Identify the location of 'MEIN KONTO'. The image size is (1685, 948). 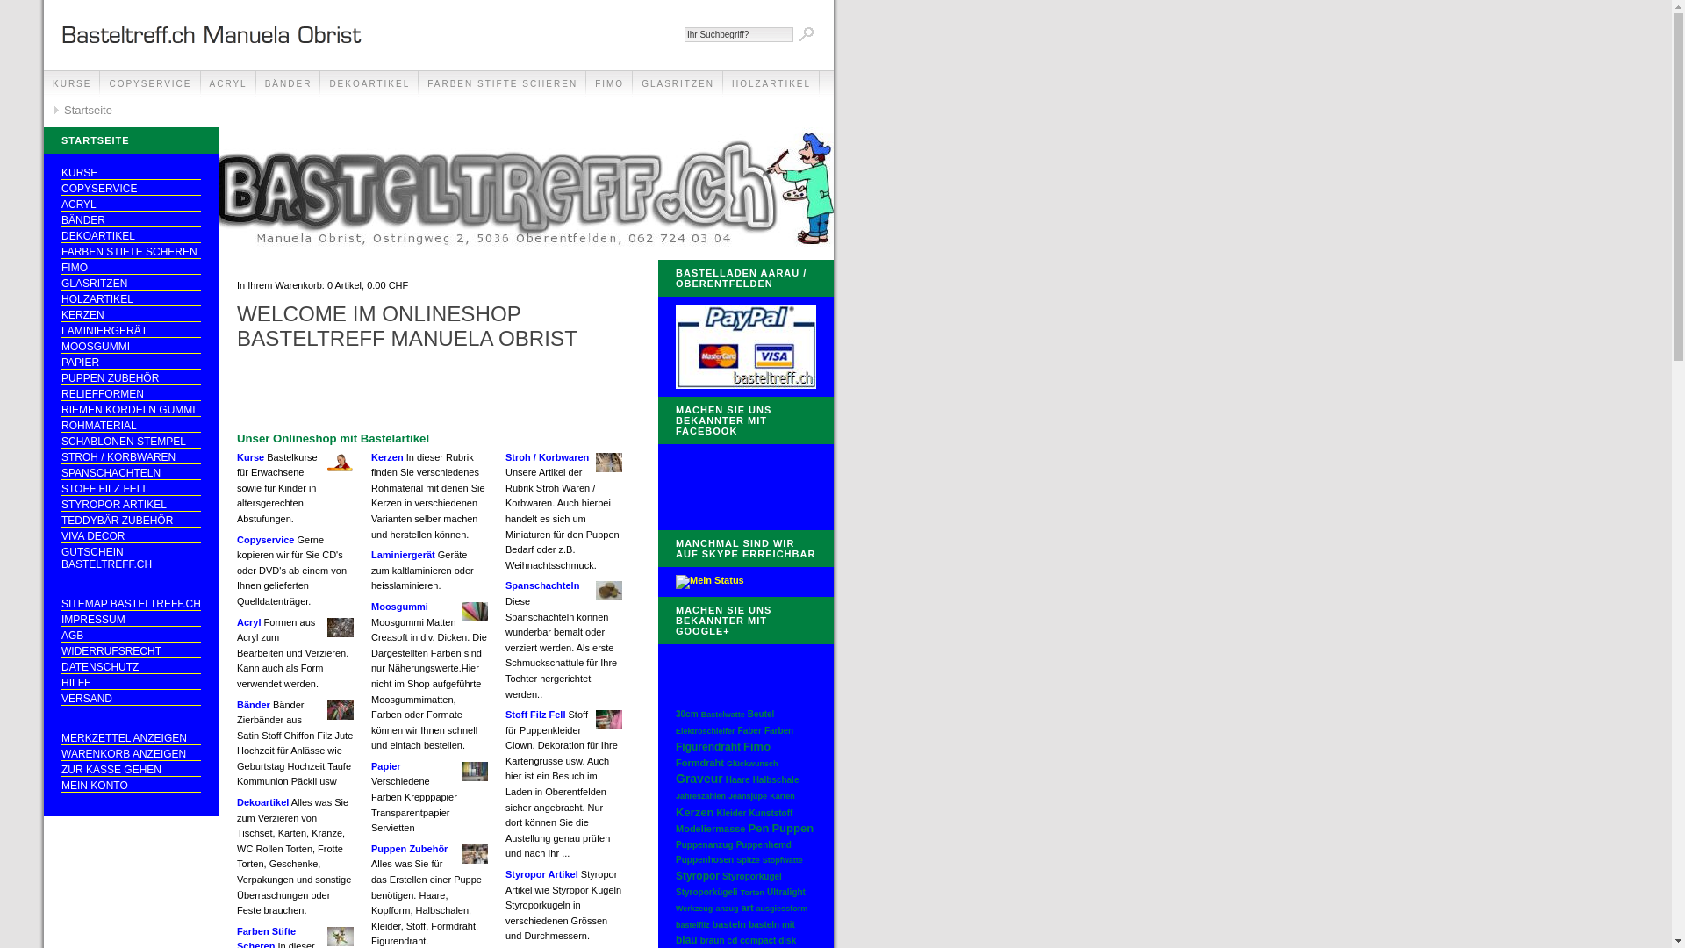
(130, 785).